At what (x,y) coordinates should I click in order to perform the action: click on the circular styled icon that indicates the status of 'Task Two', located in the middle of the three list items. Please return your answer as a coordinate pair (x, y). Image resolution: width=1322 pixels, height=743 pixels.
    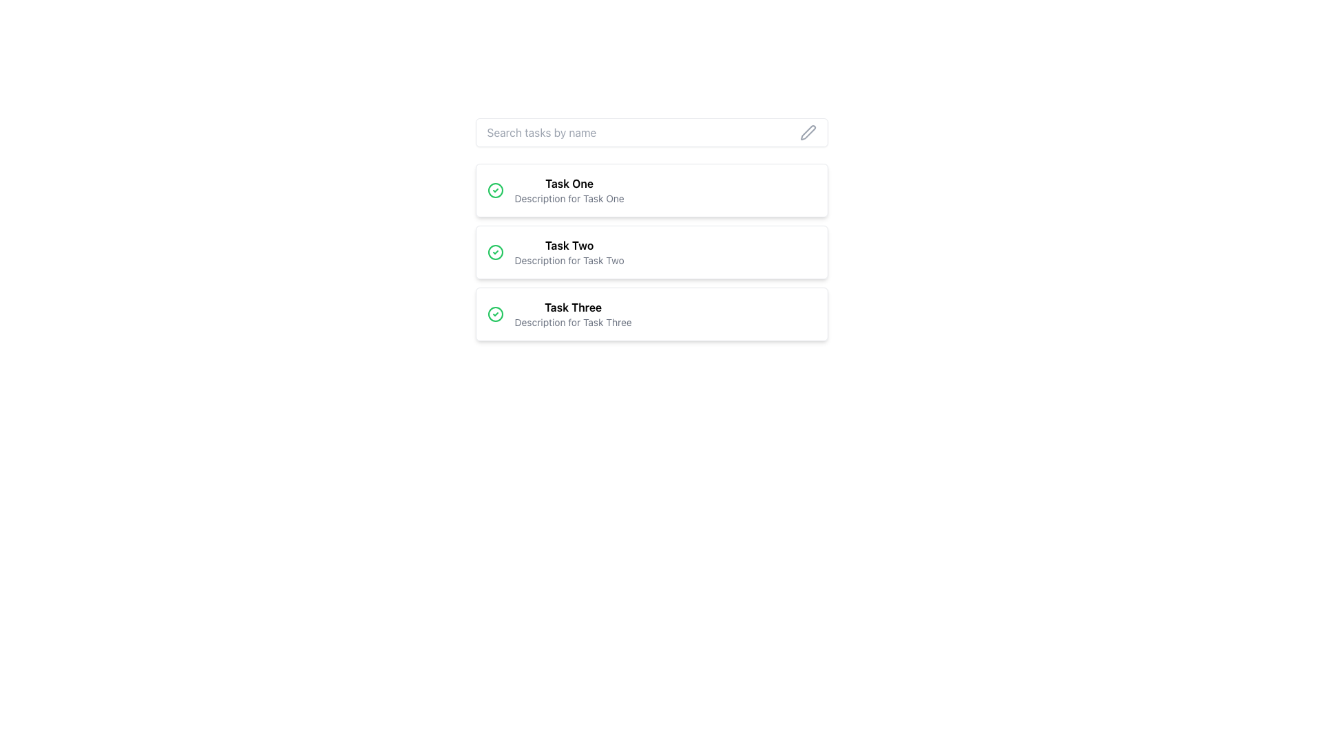
    Looking at the image, I should click on (495, 314).